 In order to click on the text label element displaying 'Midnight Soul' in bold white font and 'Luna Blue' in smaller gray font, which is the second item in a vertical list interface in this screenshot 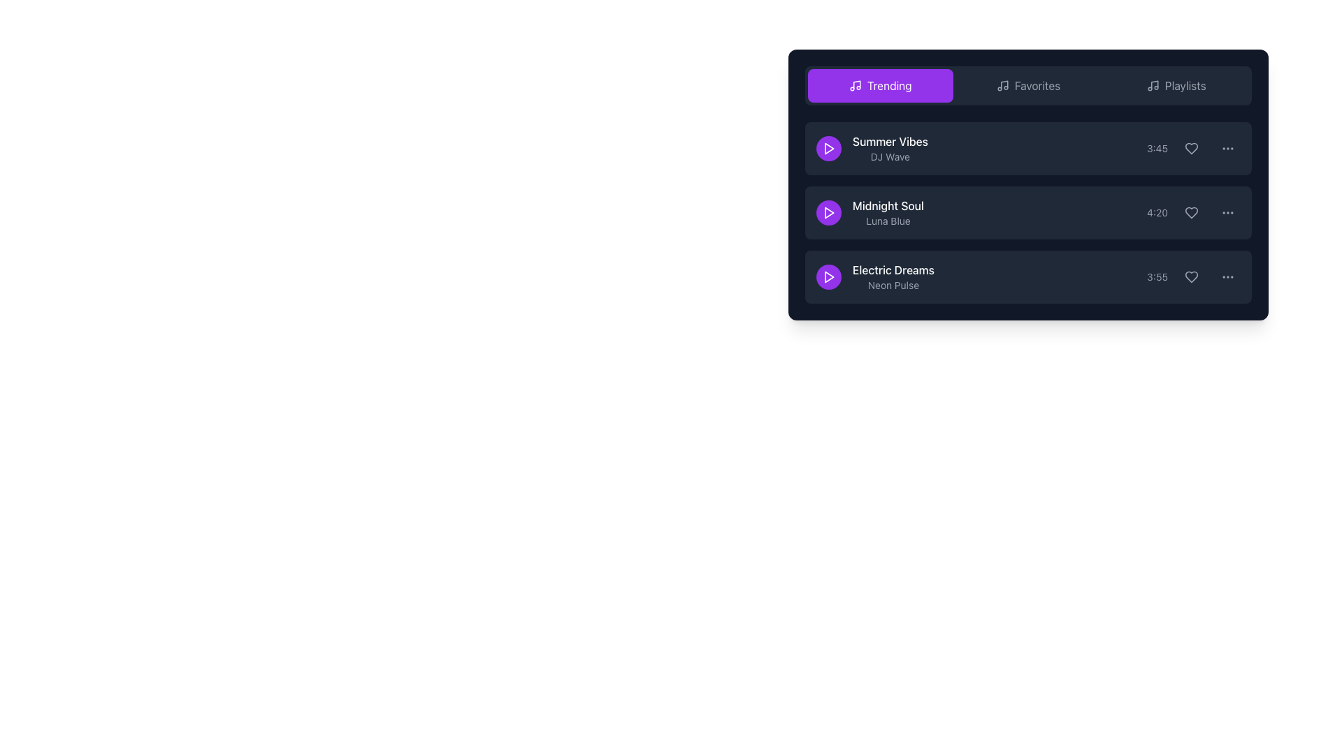, I will do `click(869, 212)`.